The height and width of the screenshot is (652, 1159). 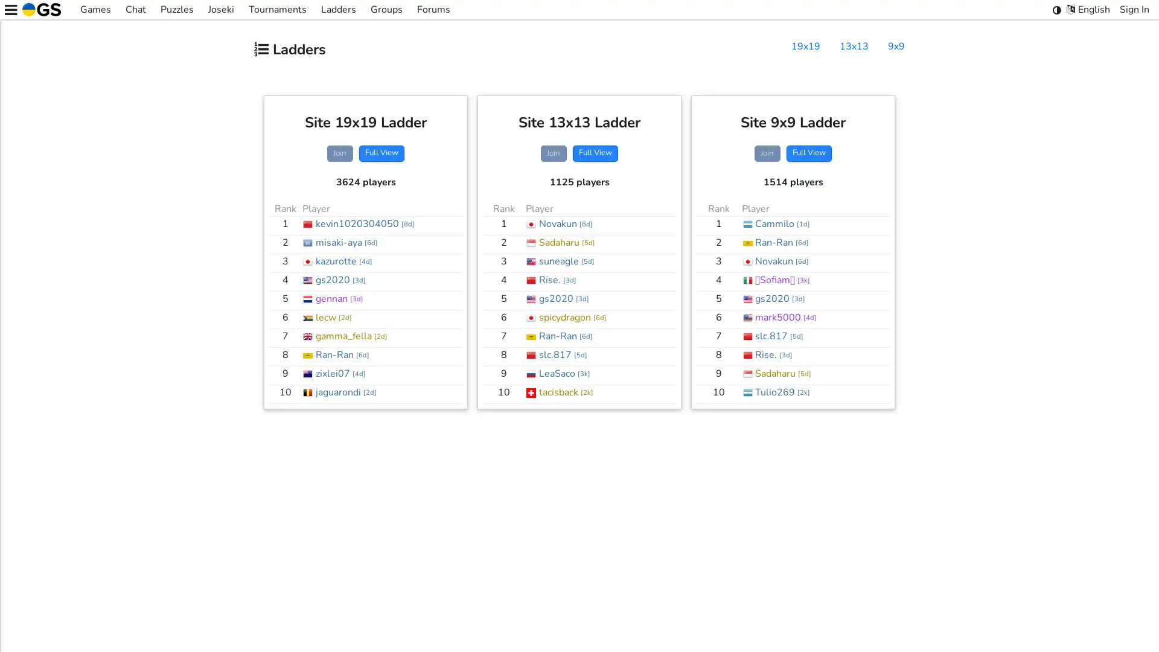 I want to click on Join, so click(x=766, y=153).